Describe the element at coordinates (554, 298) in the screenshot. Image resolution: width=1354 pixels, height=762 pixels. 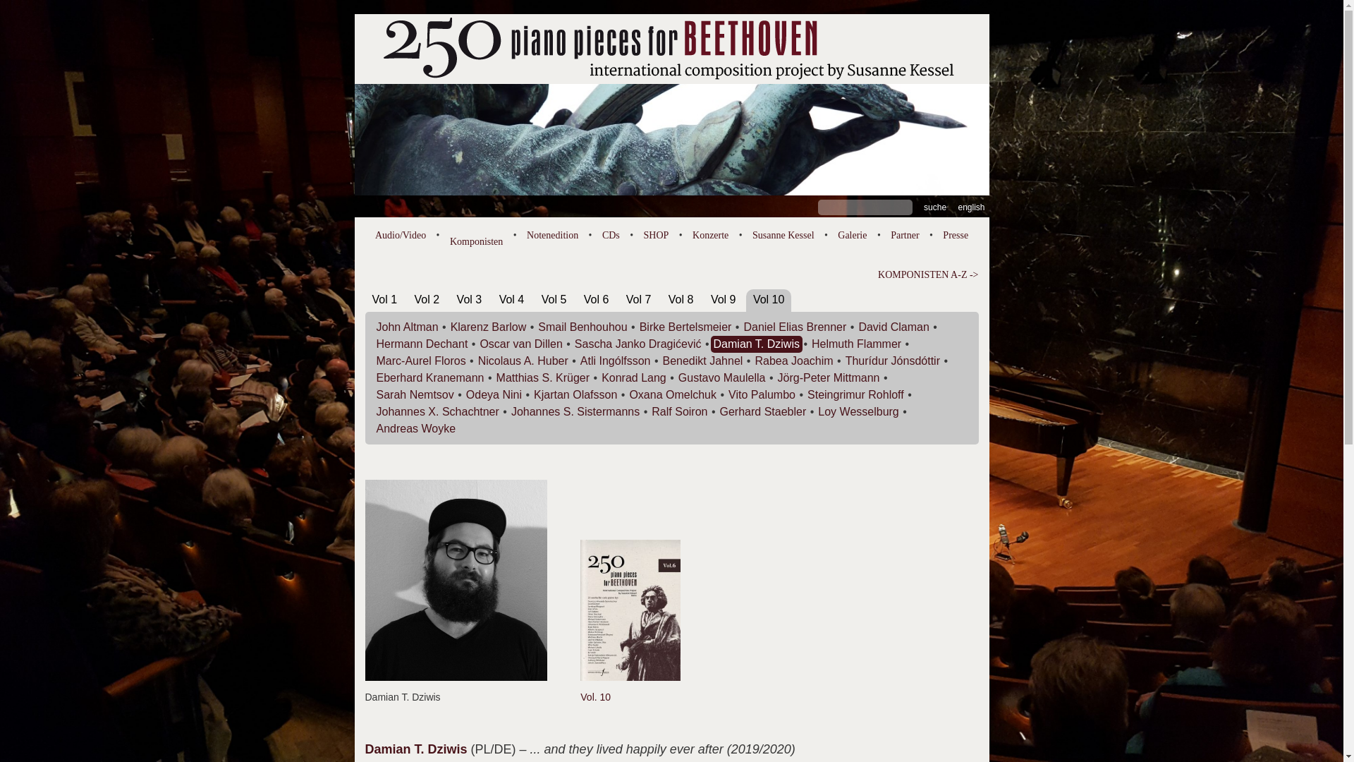
I see `'Vol 5'` at that location.